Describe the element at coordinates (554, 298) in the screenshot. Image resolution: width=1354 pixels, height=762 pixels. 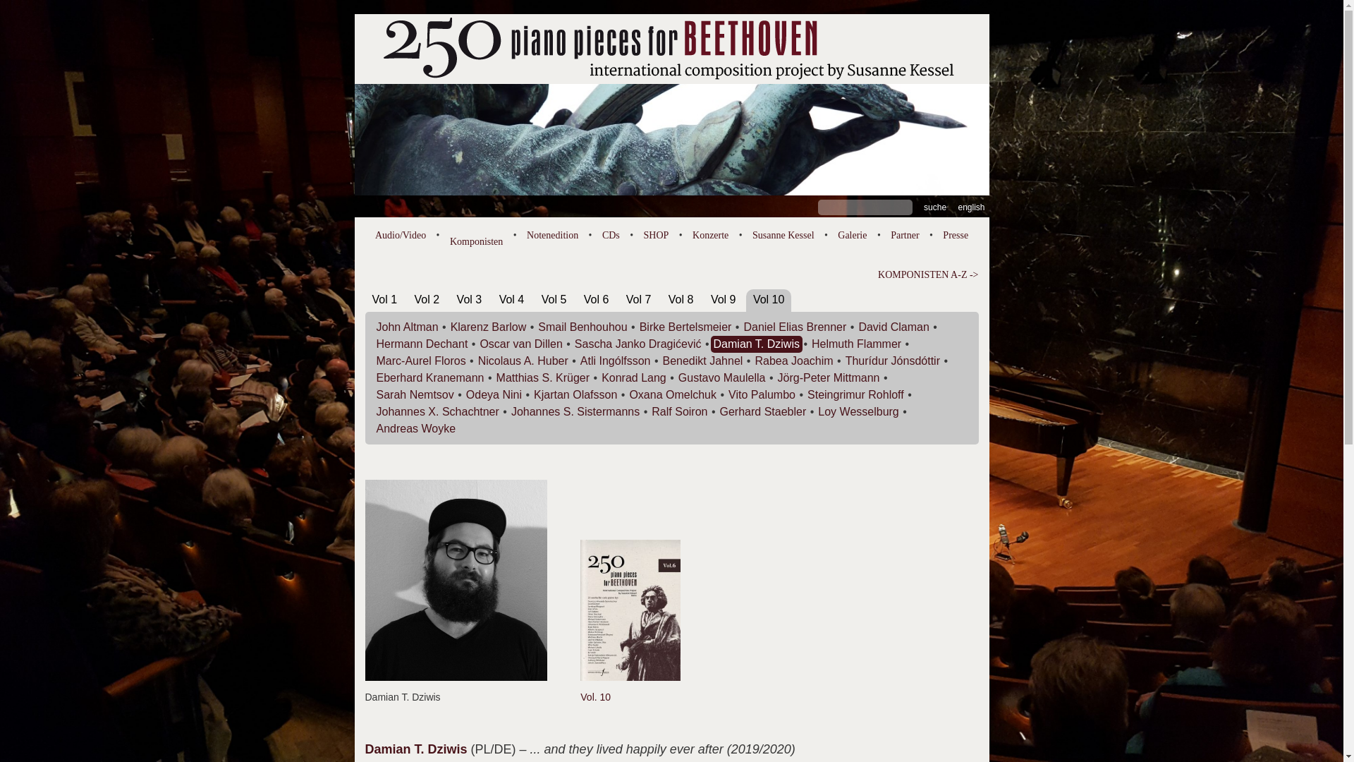
I see `'Vol 5'` at that location.